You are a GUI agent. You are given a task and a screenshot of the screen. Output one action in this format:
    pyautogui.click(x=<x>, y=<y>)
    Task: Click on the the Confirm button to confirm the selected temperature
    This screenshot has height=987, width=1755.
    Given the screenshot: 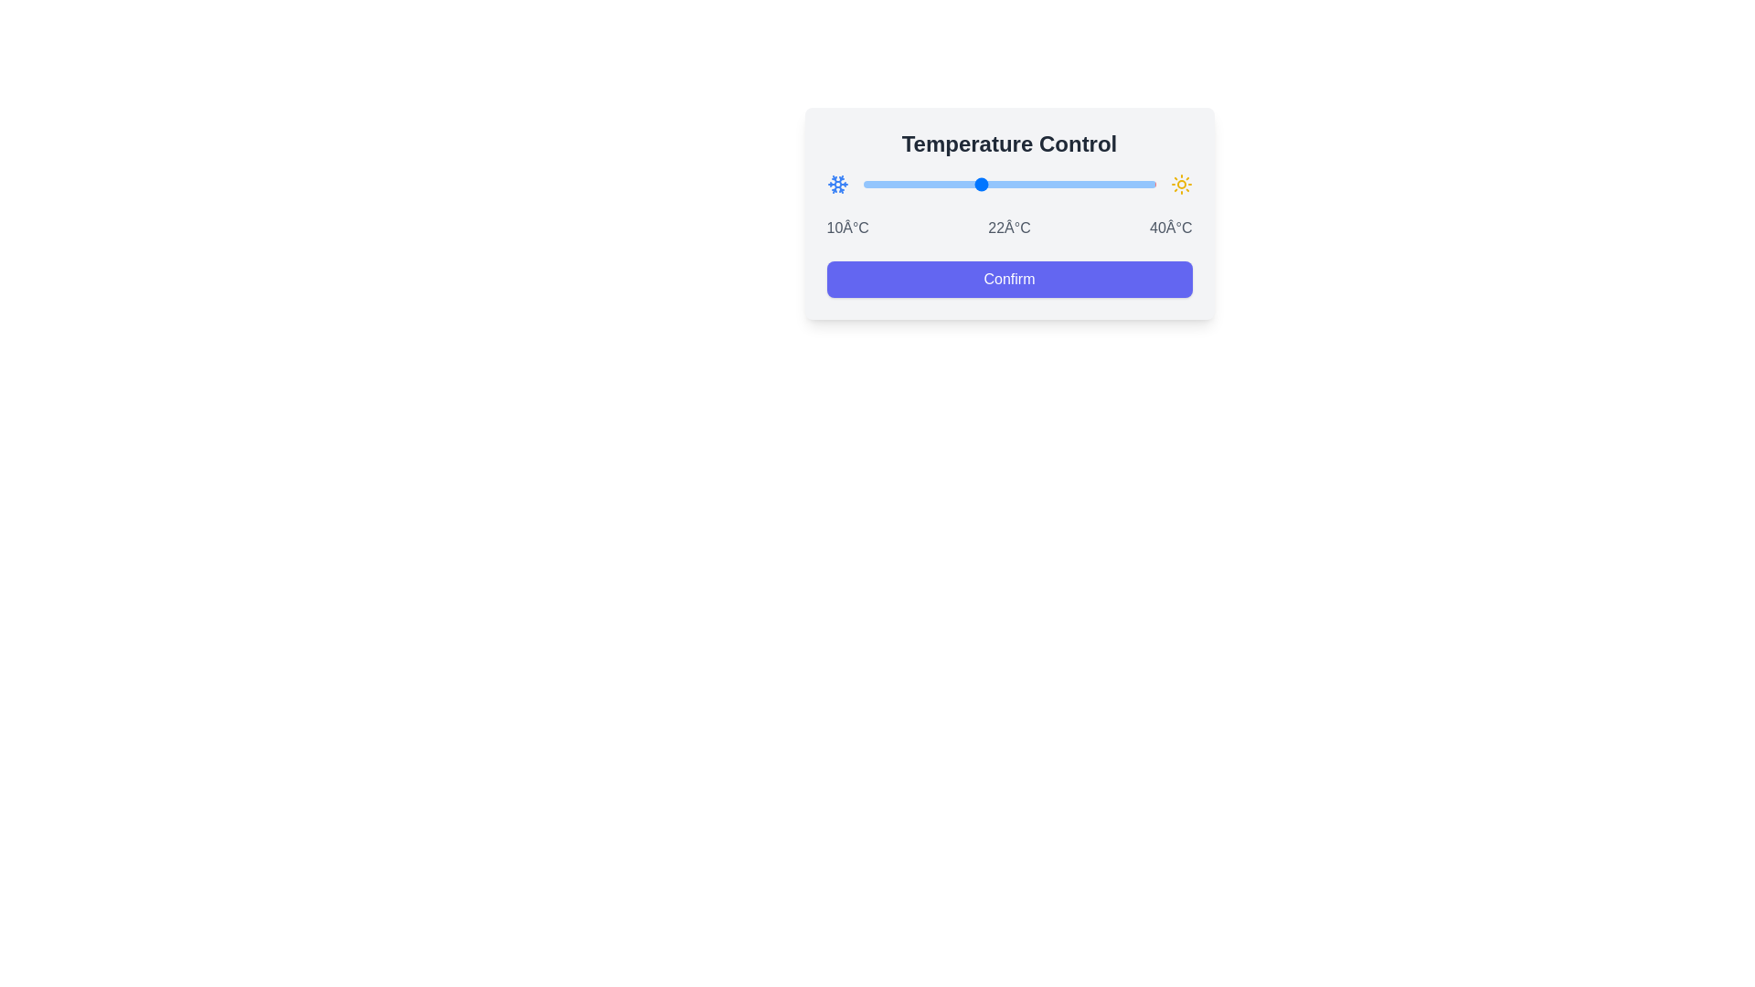 What is the action you would take?
    pyautogui.click(x=1008, y=279)
    